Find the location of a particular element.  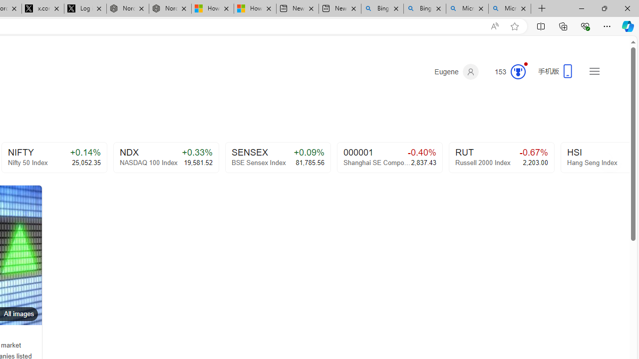

'Log in to X / X' is located at coordinates (85, 8).